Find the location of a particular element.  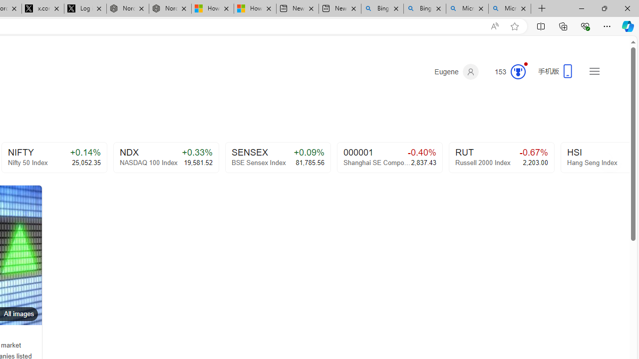

'Log in to X / X' is located at coordinates (85, 8).